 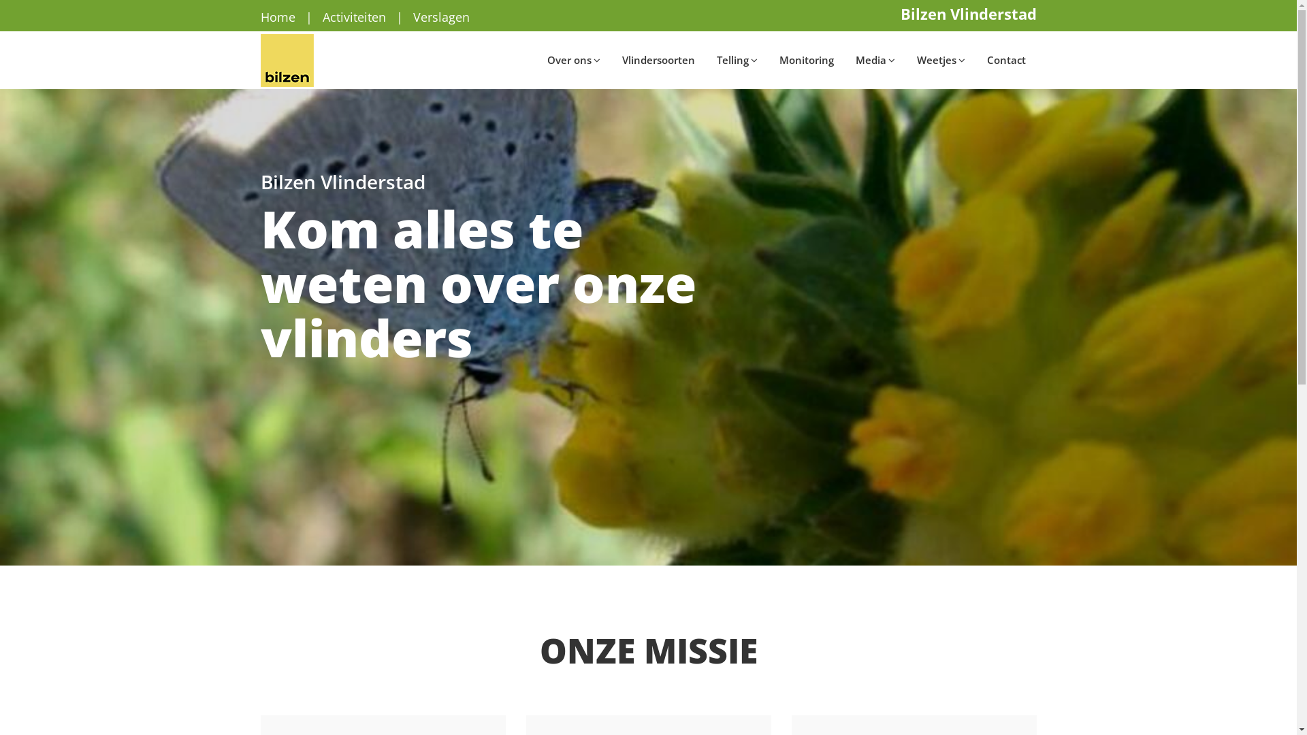 What do you see at coordinates (658, 59) in the screenshot?
I see `'Vlindersoorten'` at bounding box center [658, 59].